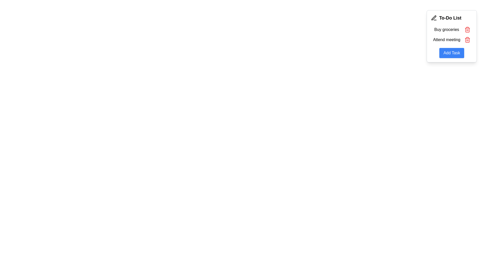 This screenshot has width=487, height=274. Describe the element at coordinates (467, 29) in the screenshot. I see `the trash can icon button that symbolizes a delete action for the 'Attend meeting' task in the to-do list application to potentially see a tooltip` at that location.